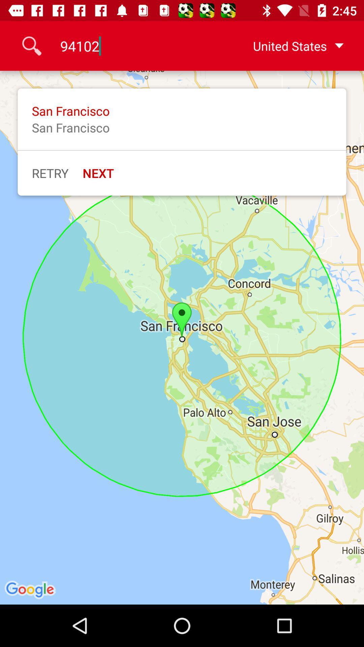 The image size is (364, 647). Describe the element at coordinates (287, 45) in the screenshot. I see `icon to the right of the 94102` at that location.